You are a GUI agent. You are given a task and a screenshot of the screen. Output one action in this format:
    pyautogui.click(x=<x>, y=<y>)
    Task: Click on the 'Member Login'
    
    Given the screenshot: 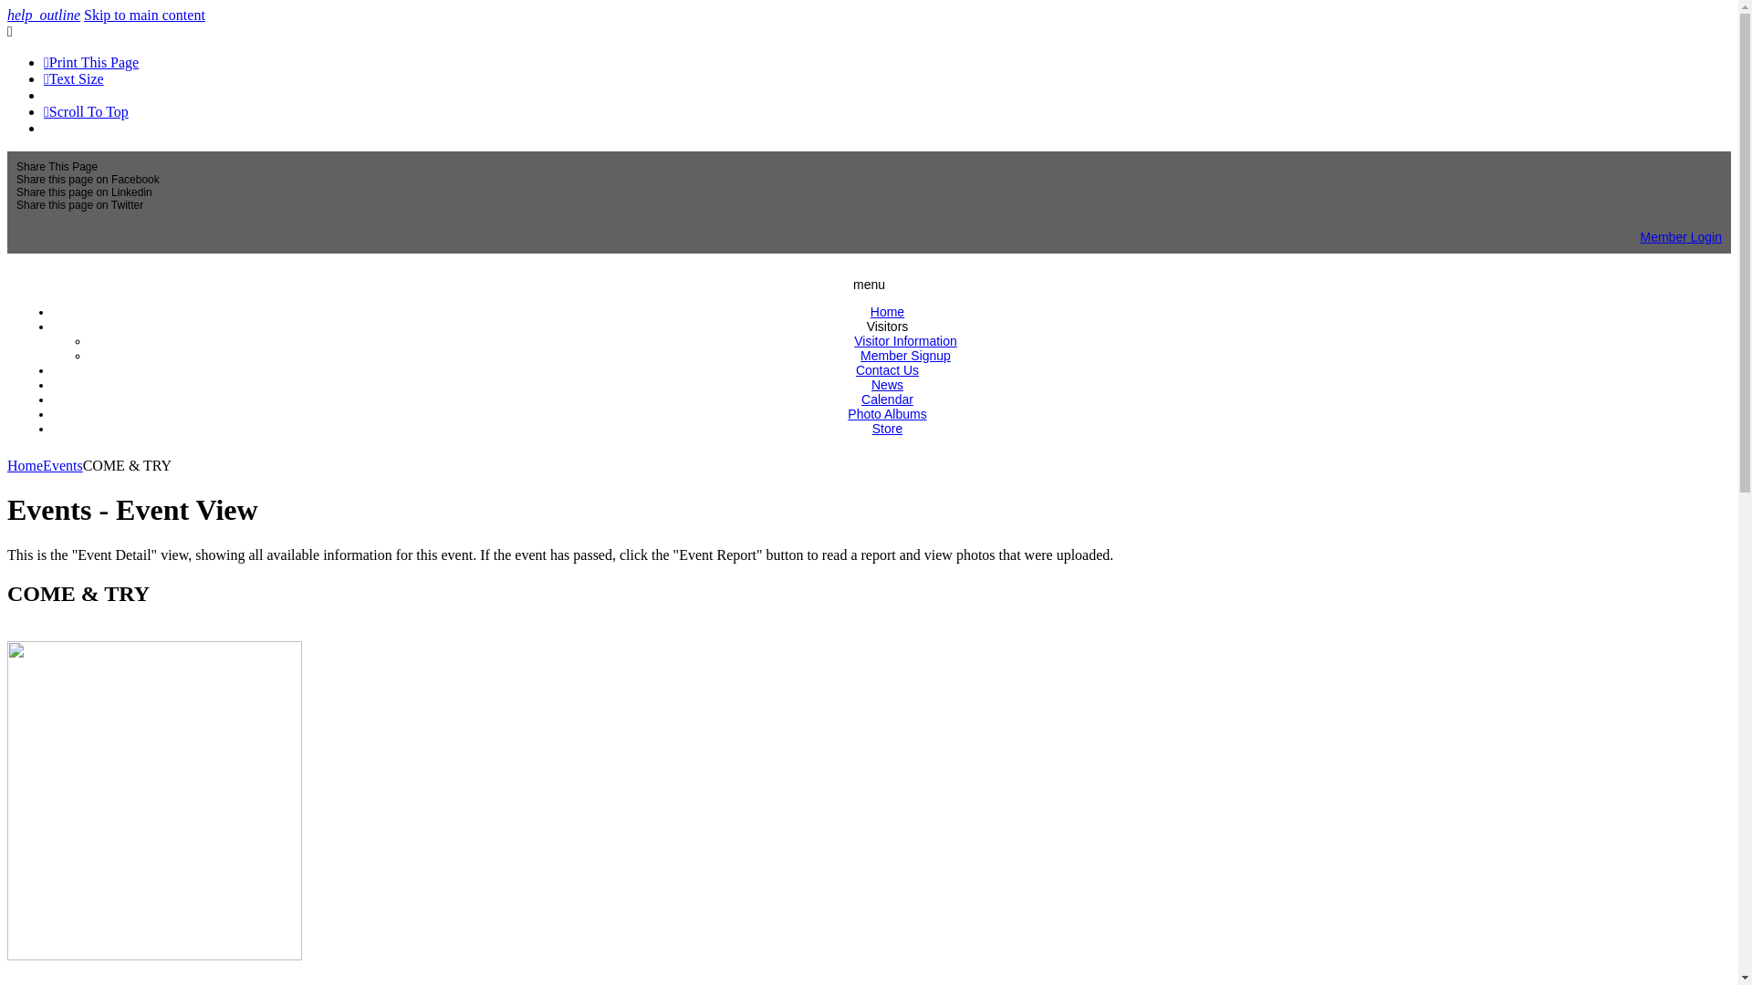 What is the action you would take?
    pyautogui.click(x=1681, y=235)
    